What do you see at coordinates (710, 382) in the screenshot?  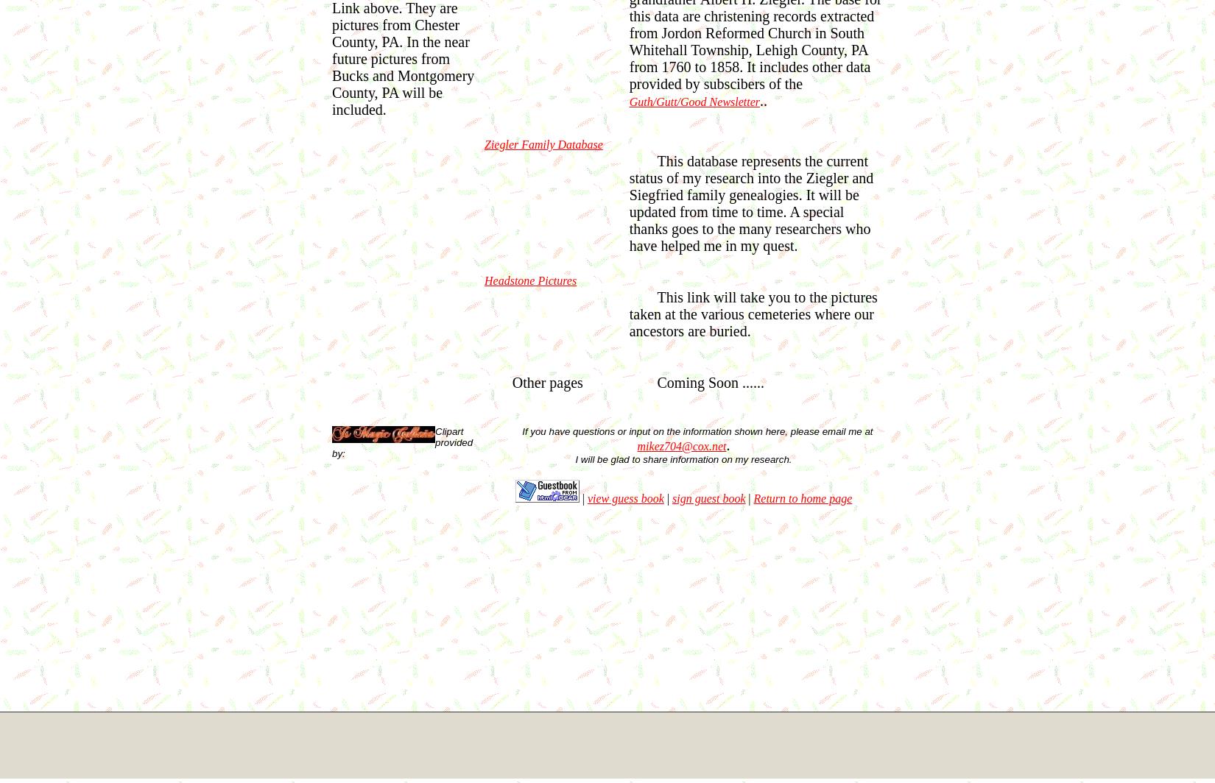 I see `'Coming Soon ......'` at bounding box center [710, 382].